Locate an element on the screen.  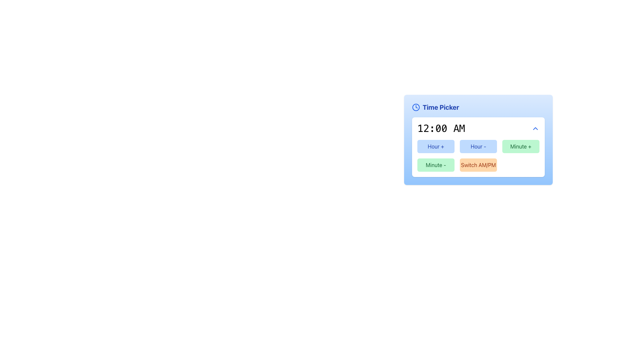
the increment button located to the right of the time text '12:00 AM' in the 'Time Picker' interface is located at coordinates (535, 129).